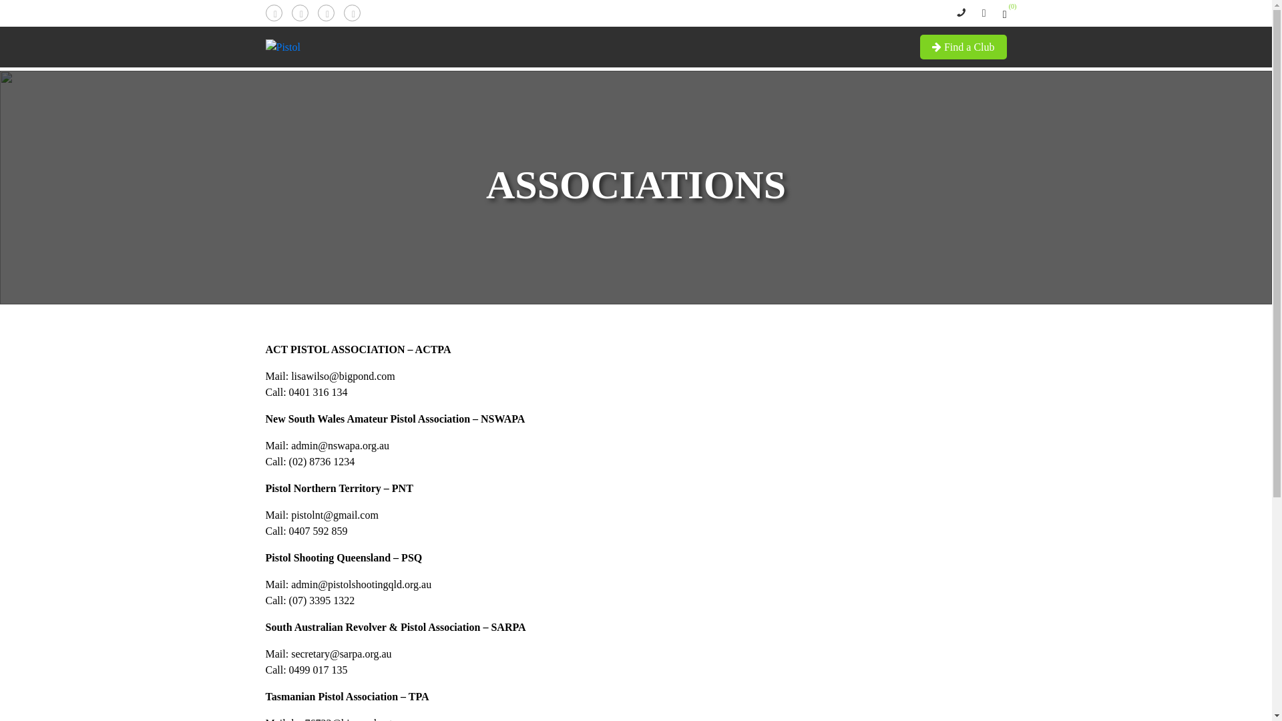  Describe the element at coordinates (317, 670) in the screenshot. I see `'0499 017 135'` at that location.